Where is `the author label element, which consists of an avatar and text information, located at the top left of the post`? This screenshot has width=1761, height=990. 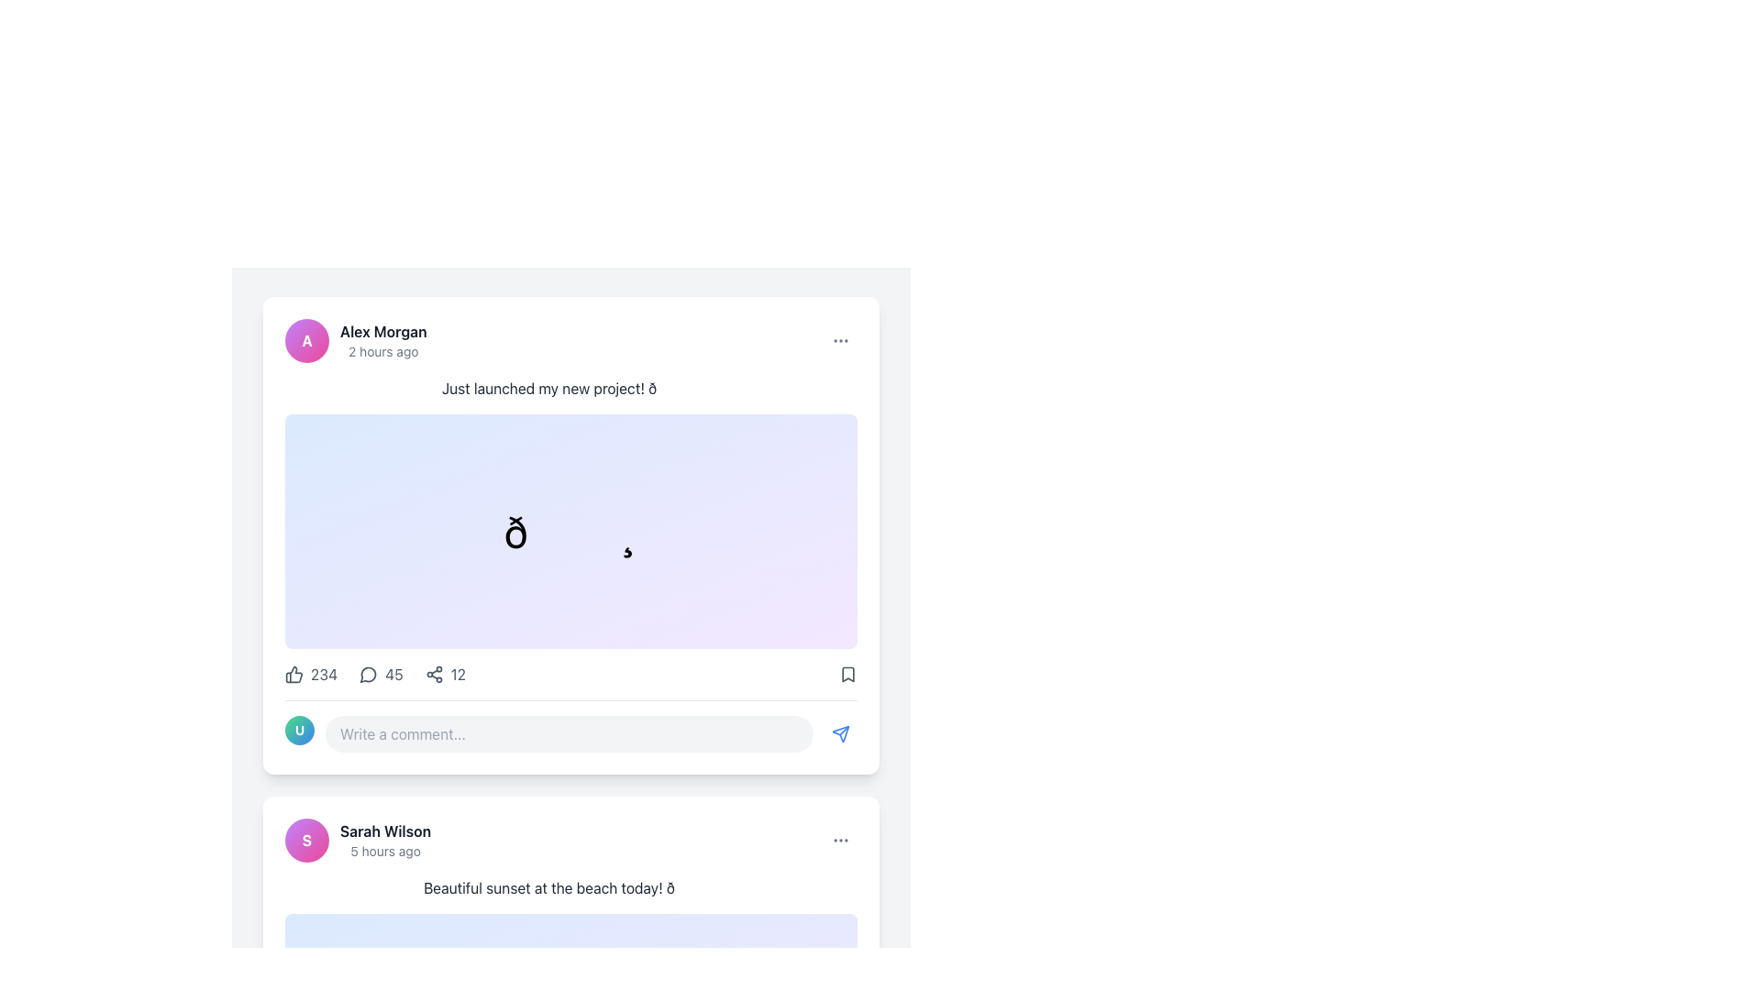
the author label element, which consists of an avatar and text information, located at the top left of the post is located at coordinates (358, 841).